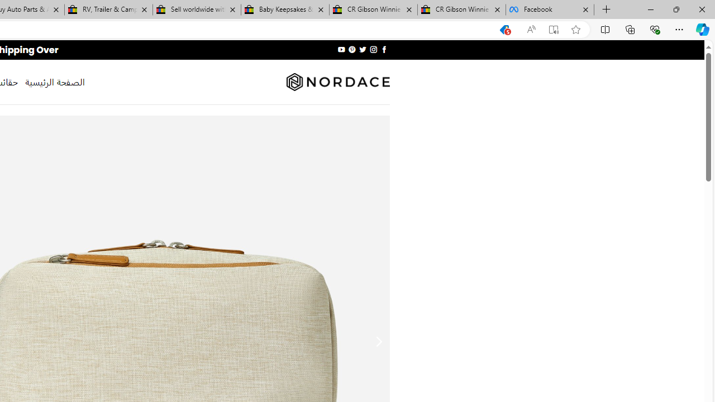  What do you see at coordinates (650, 9) in the screenshot?
I see `'Minimize'` at bounding box center [650, 9].